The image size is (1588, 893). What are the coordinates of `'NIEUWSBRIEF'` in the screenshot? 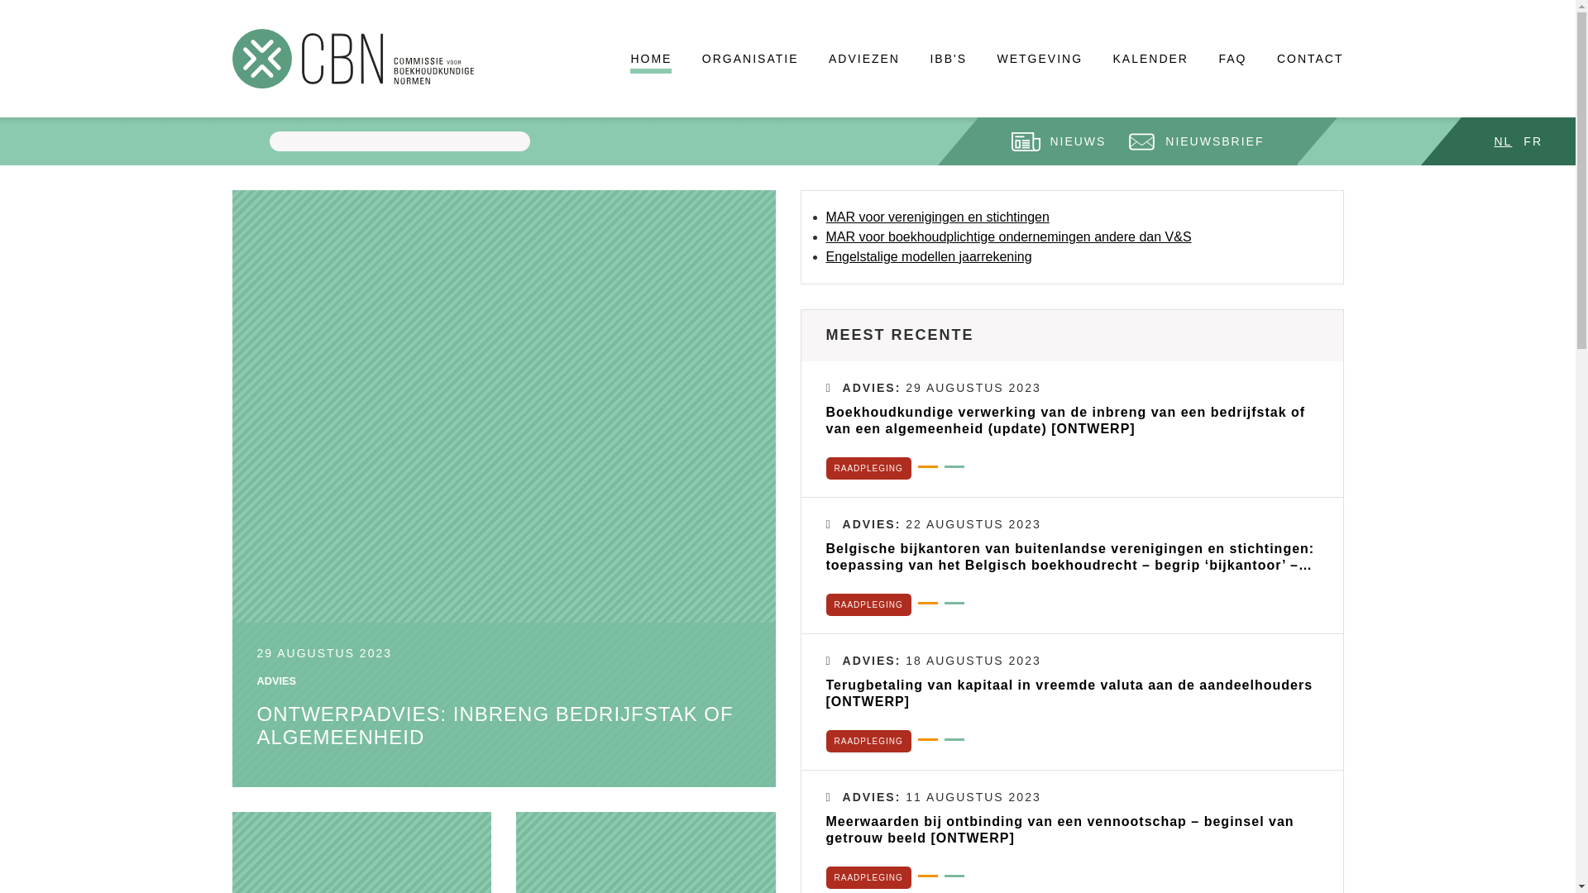 It's located at (1194, 141).